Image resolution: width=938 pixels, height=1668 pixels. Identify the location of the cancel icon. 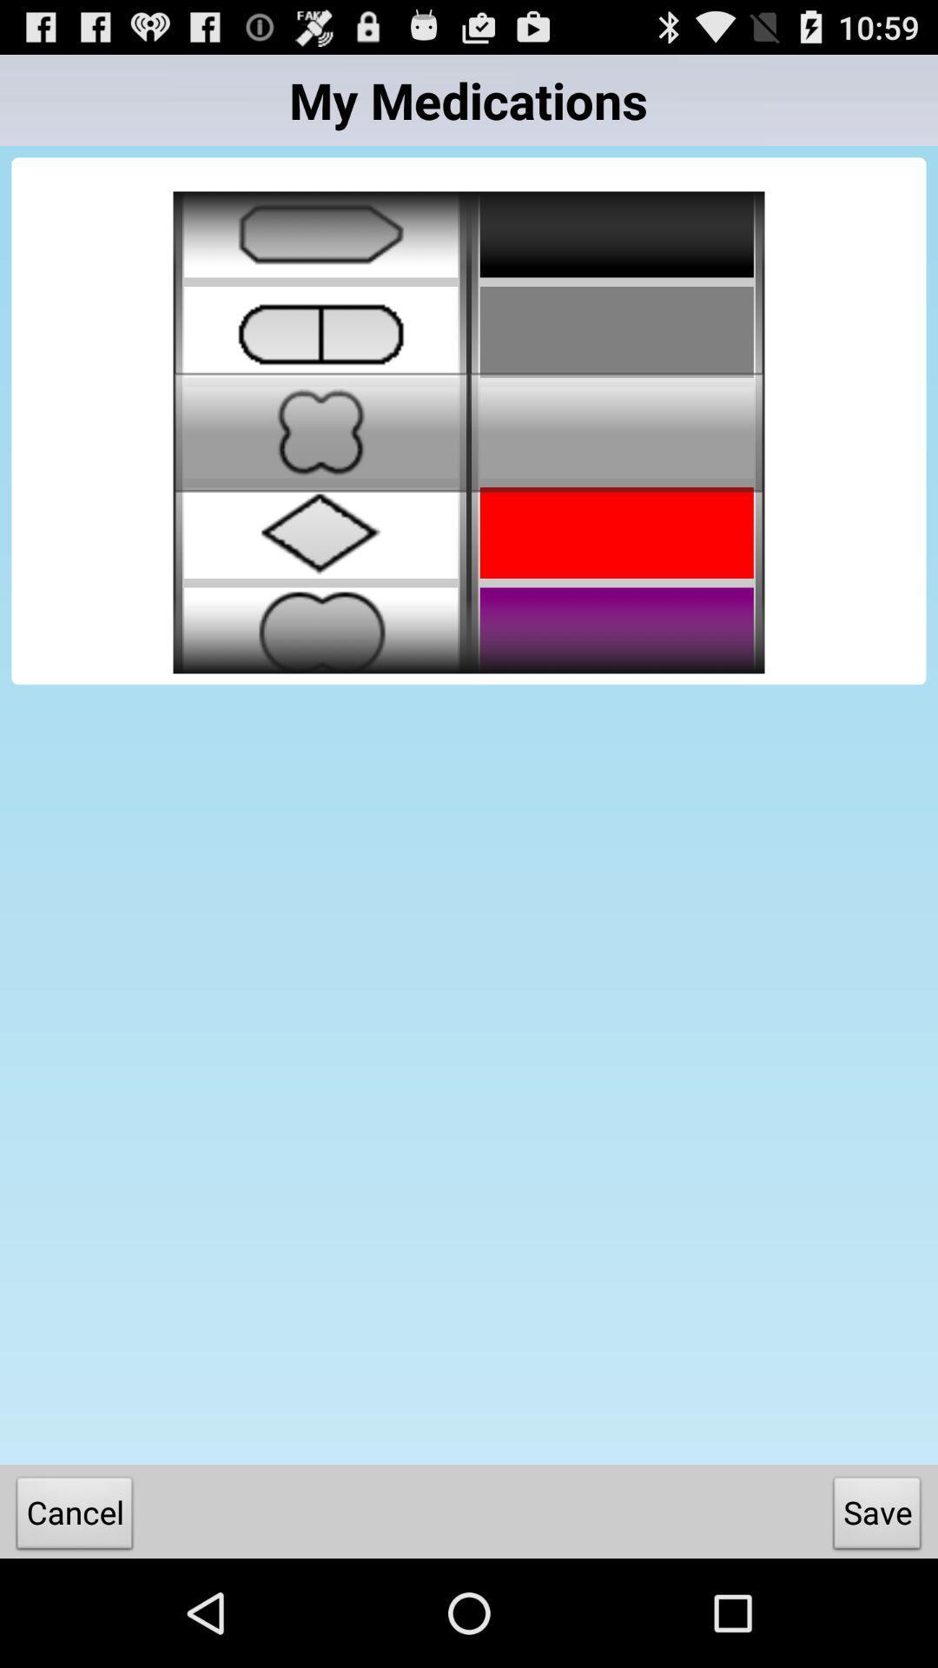
(74, 1516).